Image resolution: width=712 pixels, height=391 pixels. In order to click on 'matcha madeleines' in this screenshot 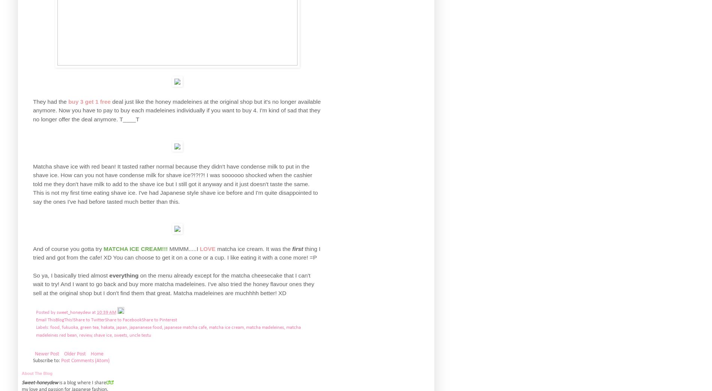, I will do `click(265, 327)`.